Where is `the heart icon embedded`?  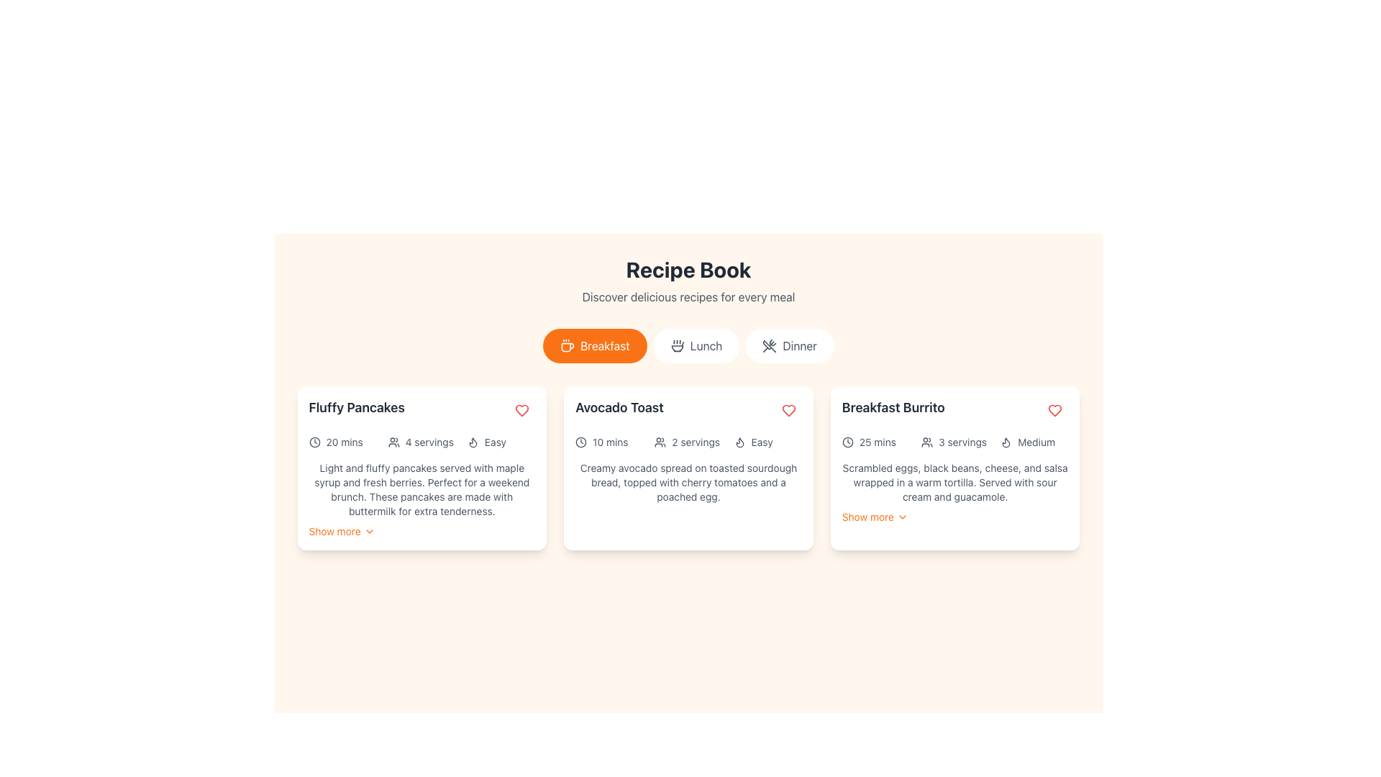 the heart icon embedded is located at coordinates (1055, 410).